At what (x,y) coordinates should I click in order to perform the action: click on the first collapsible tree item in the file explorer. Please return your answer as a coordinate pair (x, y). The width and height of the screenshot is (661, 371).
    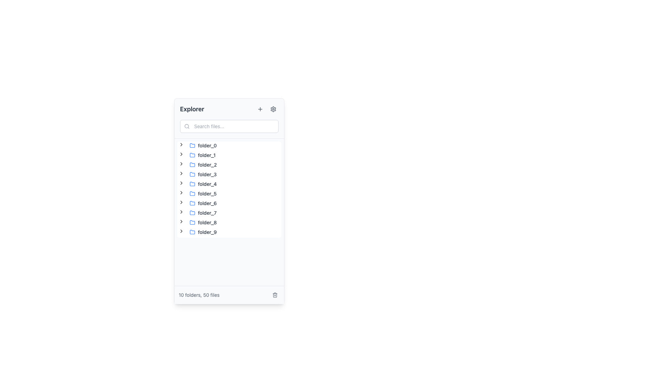
    Looking at the image, I should click on (198, 145).